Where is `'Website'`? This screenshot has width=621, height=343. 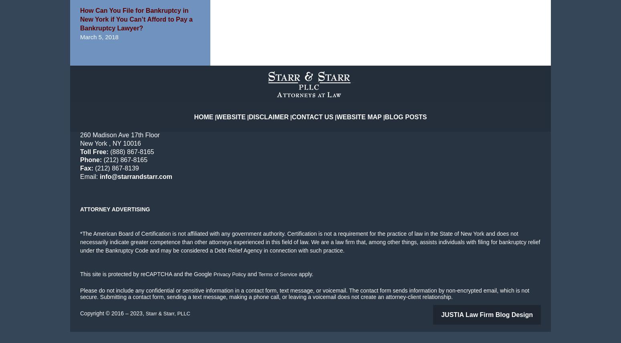
'Website' is located at coordinates (242, 122).